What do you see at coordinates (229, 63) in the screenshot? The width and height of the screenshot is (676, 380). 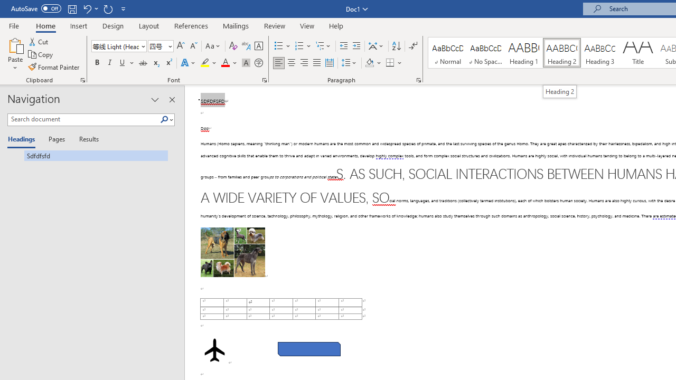 I see `'Font Color'` at bounding box center [229, 63].